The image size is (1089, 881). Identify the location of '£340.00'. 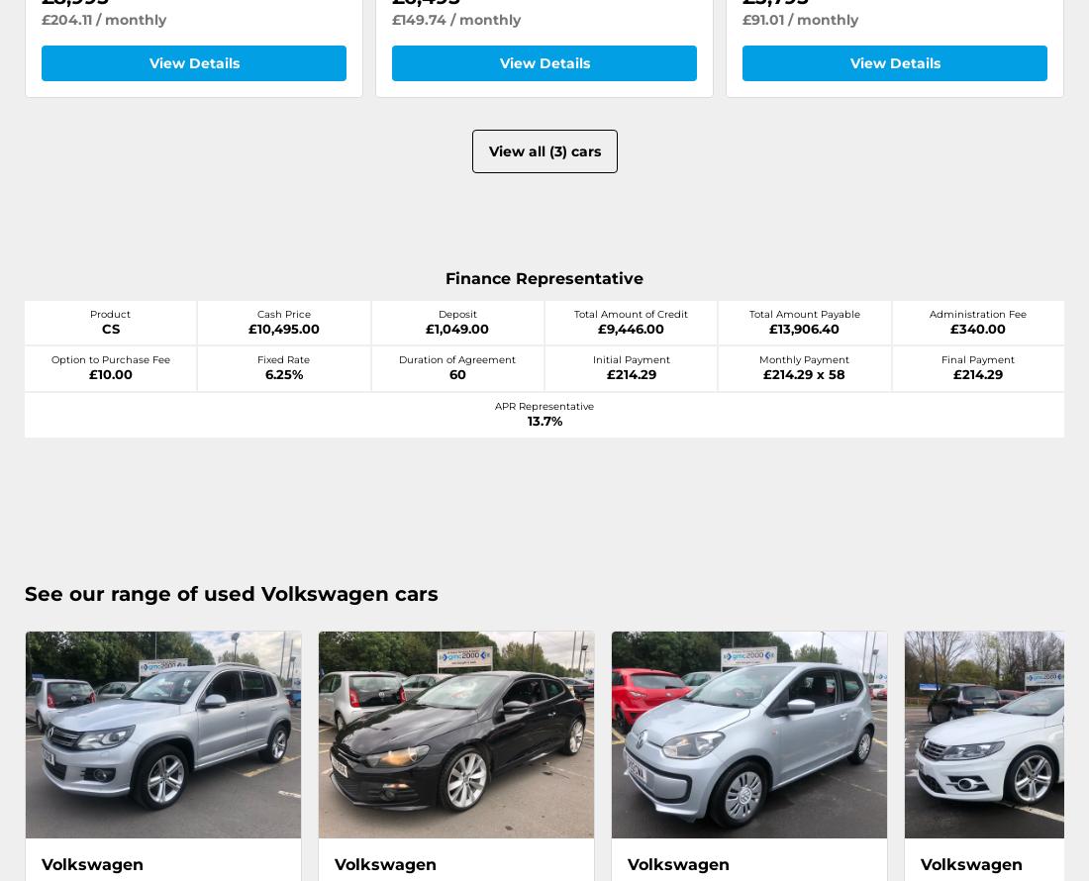
(977, 327).